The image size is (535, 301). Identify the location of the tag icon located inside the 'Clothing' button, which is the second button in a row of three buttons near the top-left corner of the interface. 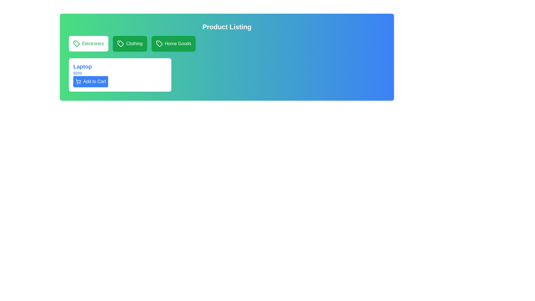
(120, 43).